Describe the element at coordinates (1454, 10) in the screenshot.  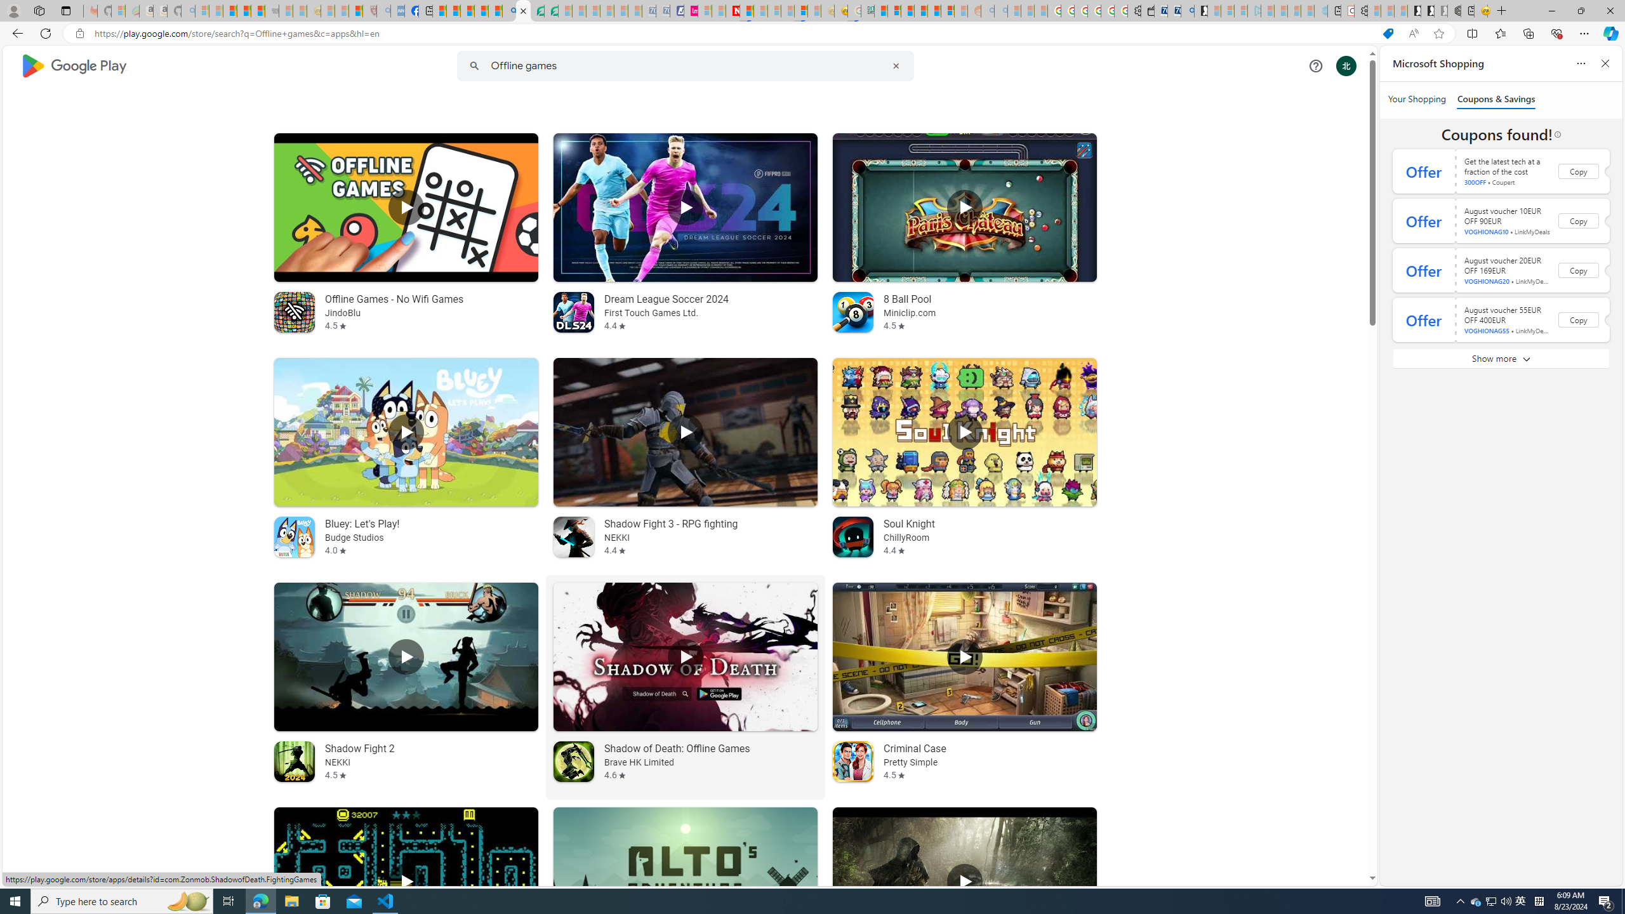
I see `'Nordace - Nordace Siena Is Not An Ordinary Backpack'` at that location.